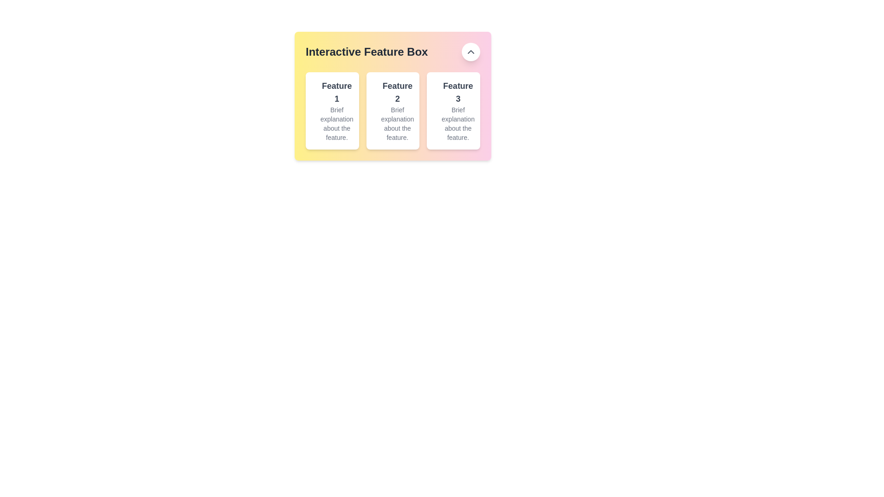 The image size is (884, 497). Describe the element at coordinates (397, 110) in the screenshot. I see `the text description 'Feature 2' to trigger potential tooltips` at that location.